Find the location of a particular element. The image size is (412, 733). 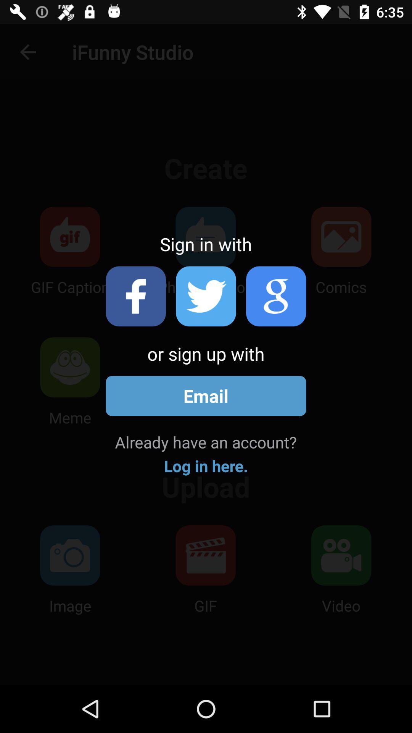

the facebook icon is located at coordinates (135, 296).